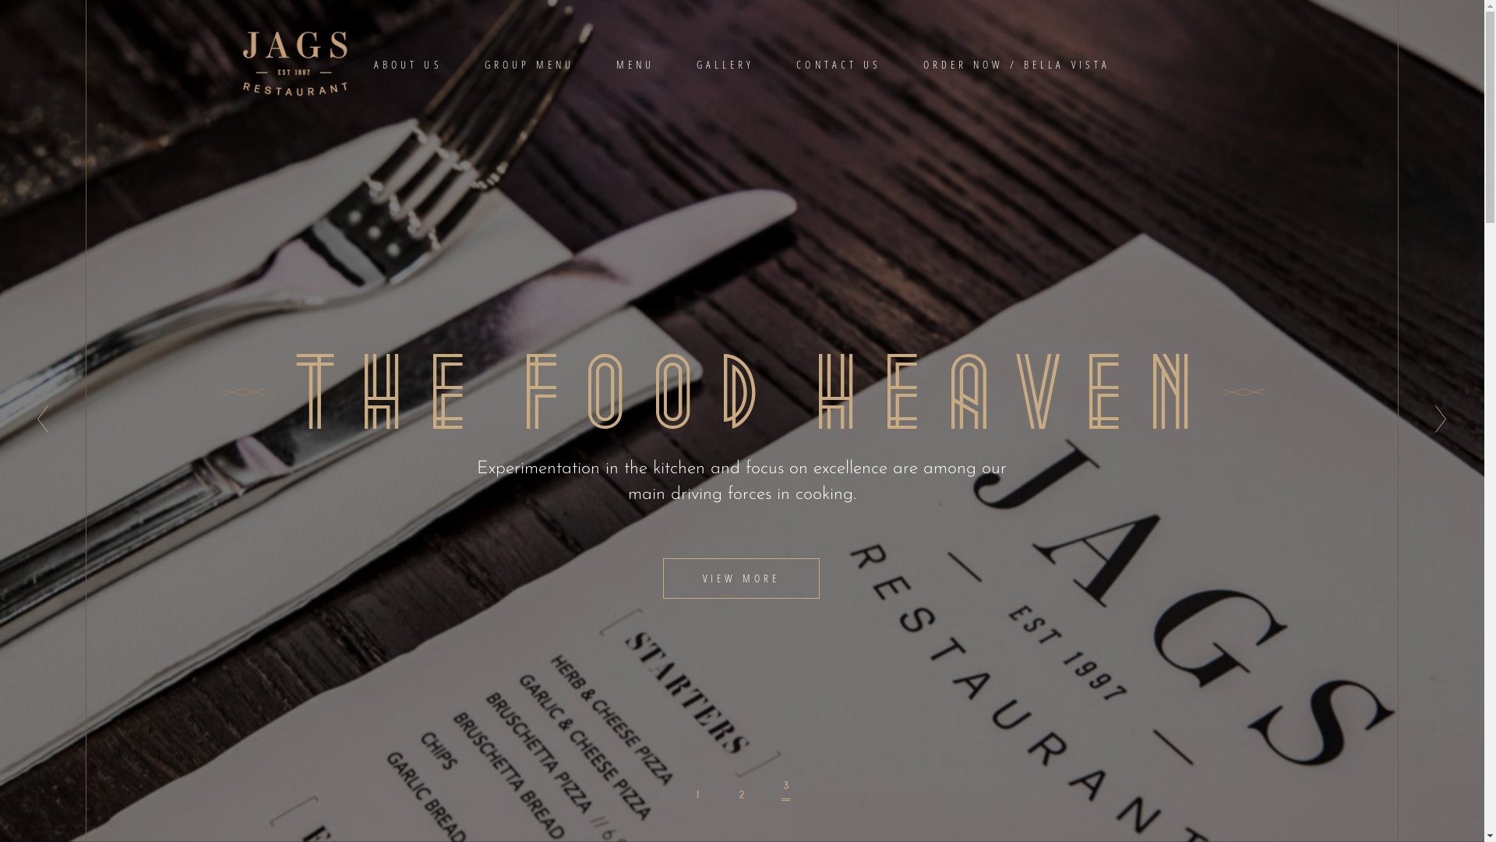 The height and width of the screenshot is (842, 1496). I want to click on 'CONTACT US', so click(837, 62).